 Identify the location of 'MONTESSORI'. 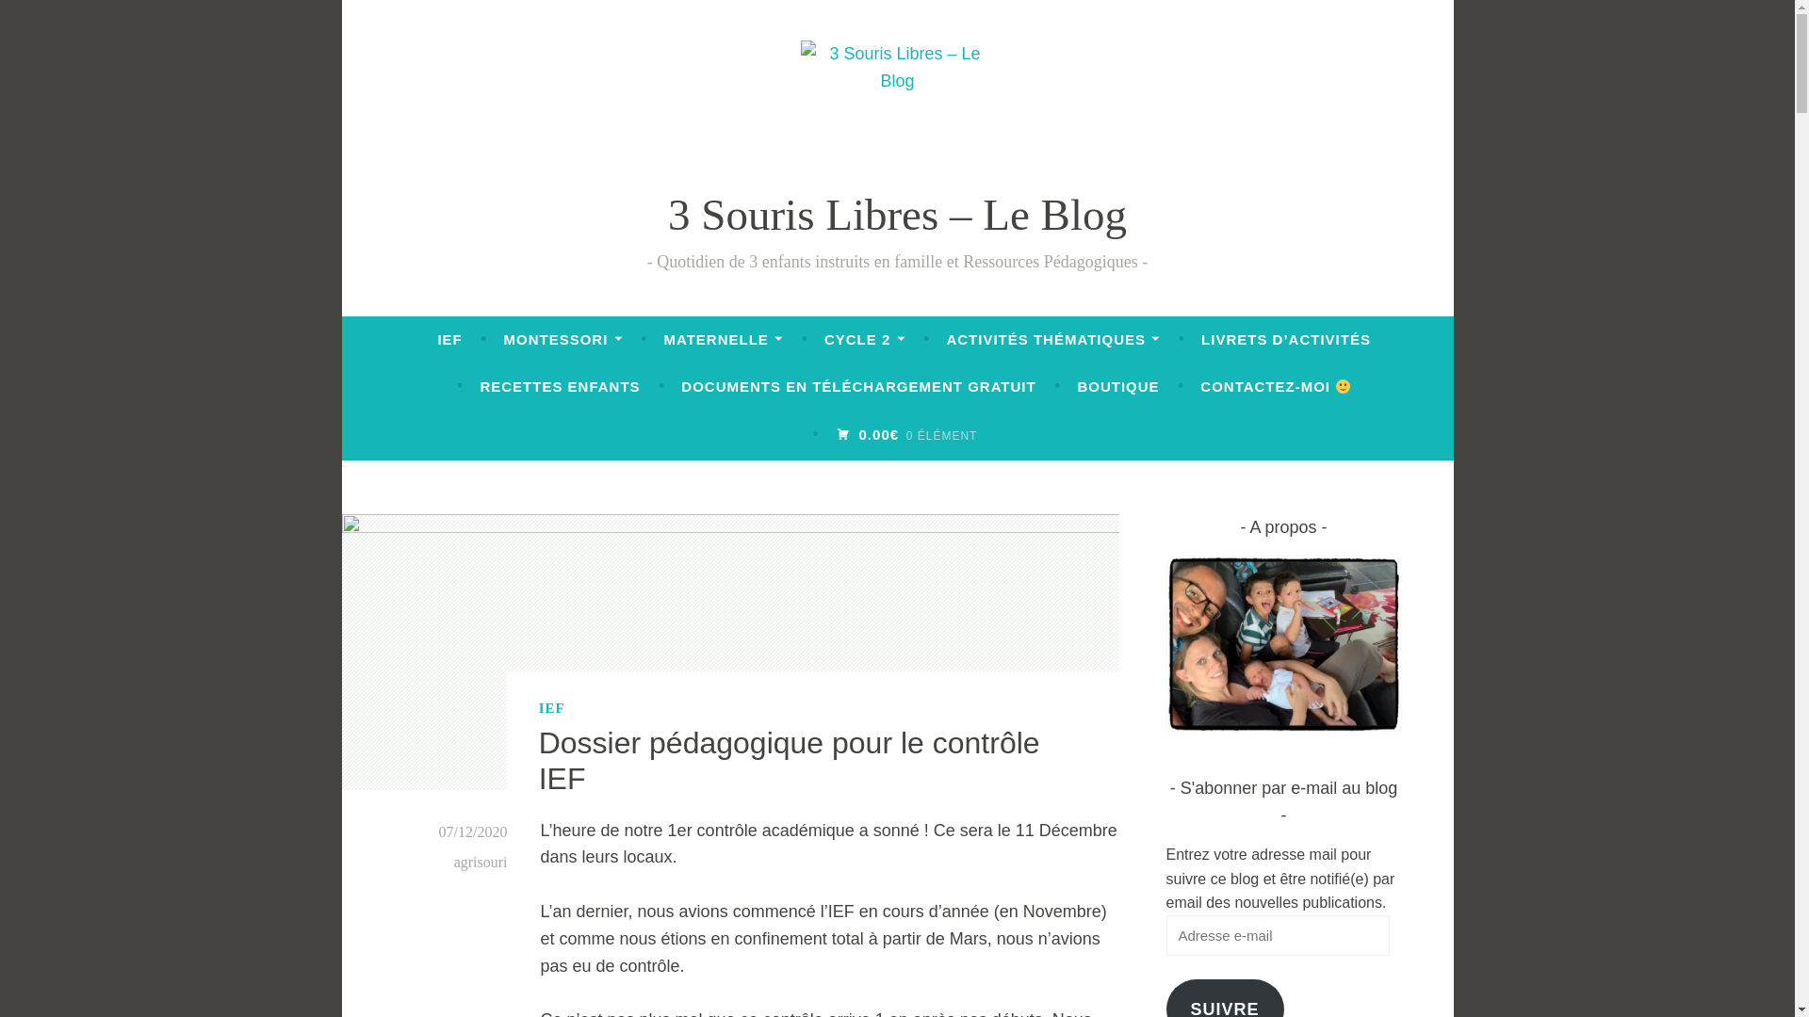
(561, 340).